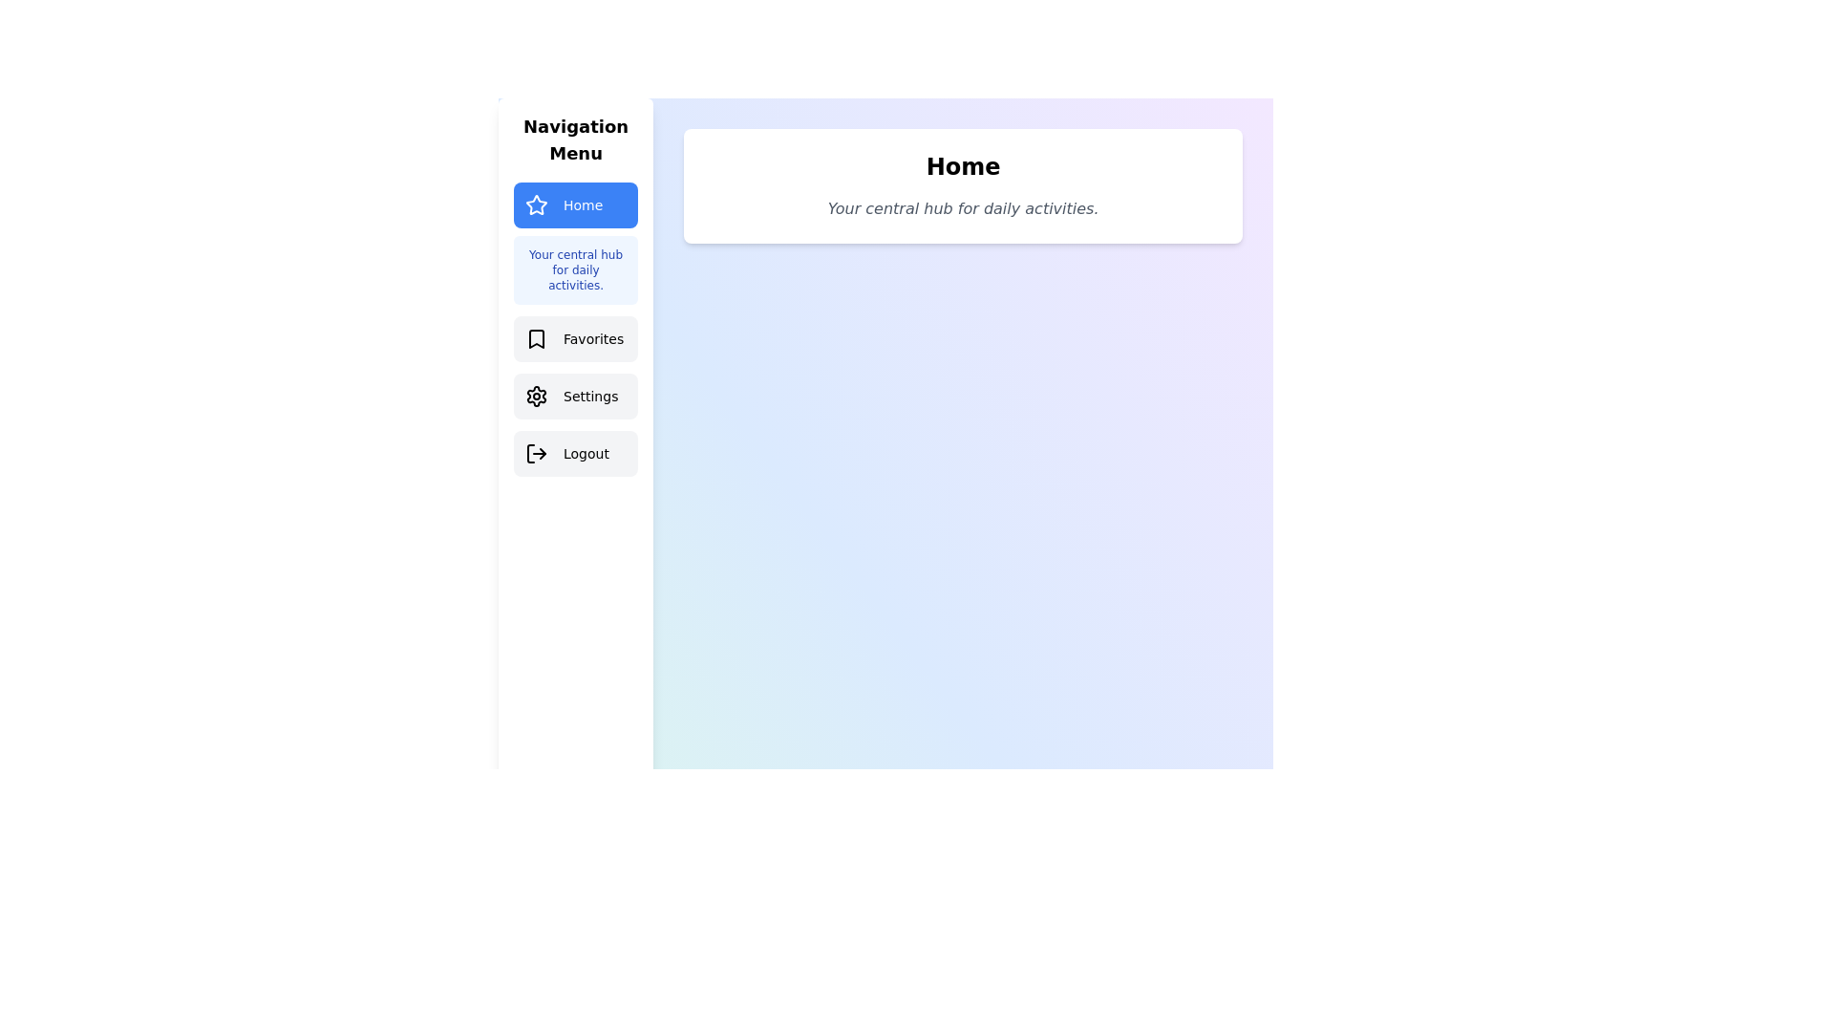 The image size is (1834, 1032). Describe the element at coordinates (575, 453) in the screenshot. I see `the Logout tab from the navigation menu` at that location.